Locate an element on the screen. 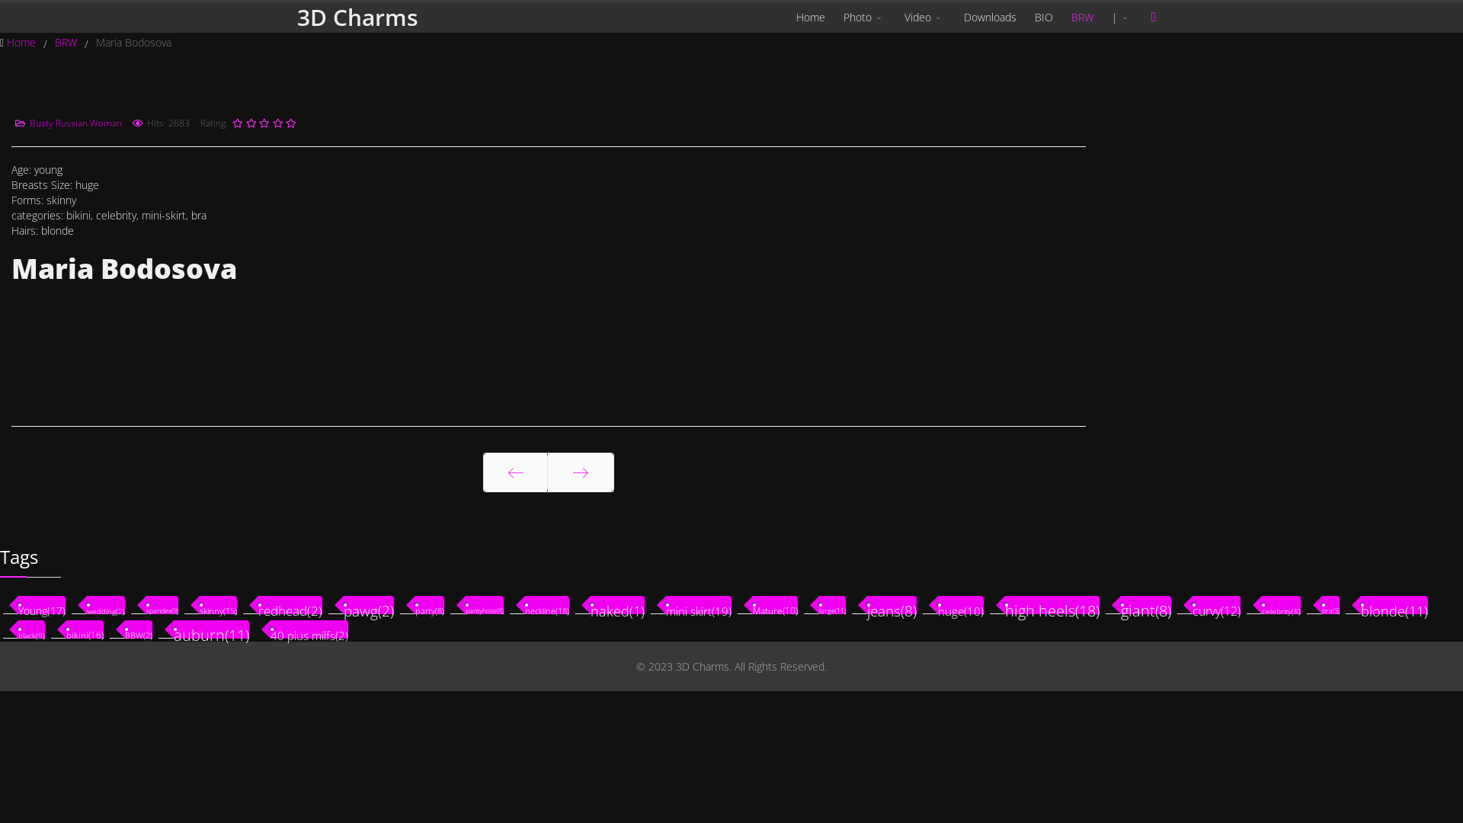  'pantyhose(8)' is located at coordinates (484, 604).